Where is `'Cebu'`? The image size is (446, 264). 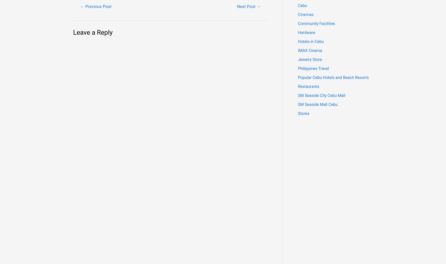 'Cebu' is located at coordinates (302, 5).